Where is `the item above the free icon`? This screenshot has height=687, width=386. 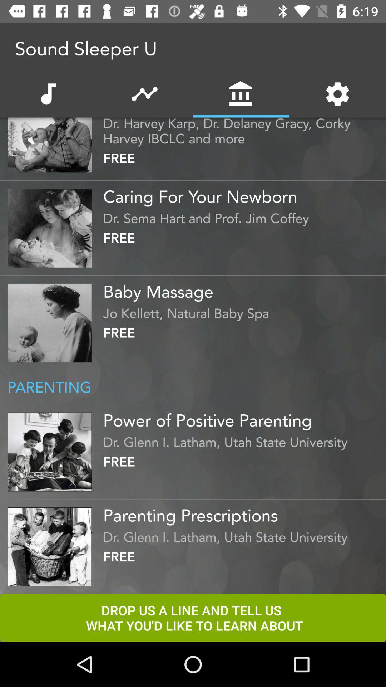 the item above the free icon is located at coordinates (242, 311).